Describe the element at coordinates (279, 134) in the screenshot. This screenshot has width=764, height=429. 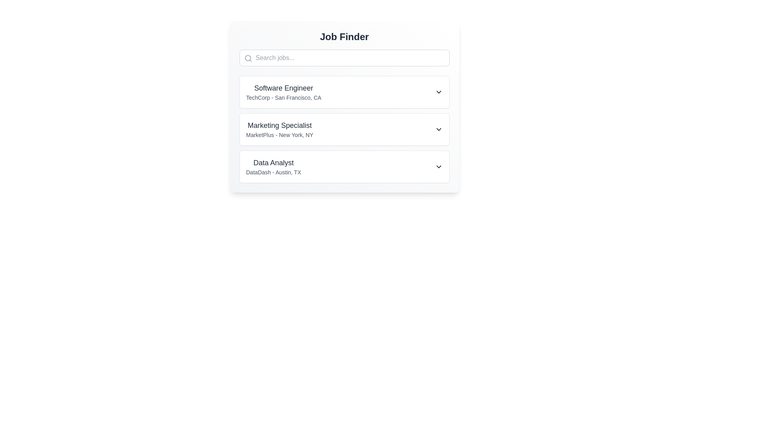
I see `the text display that provides additional details about the job opportunity, located directly below the 'Marketing Specialist' title in the card UI layout` at that location.